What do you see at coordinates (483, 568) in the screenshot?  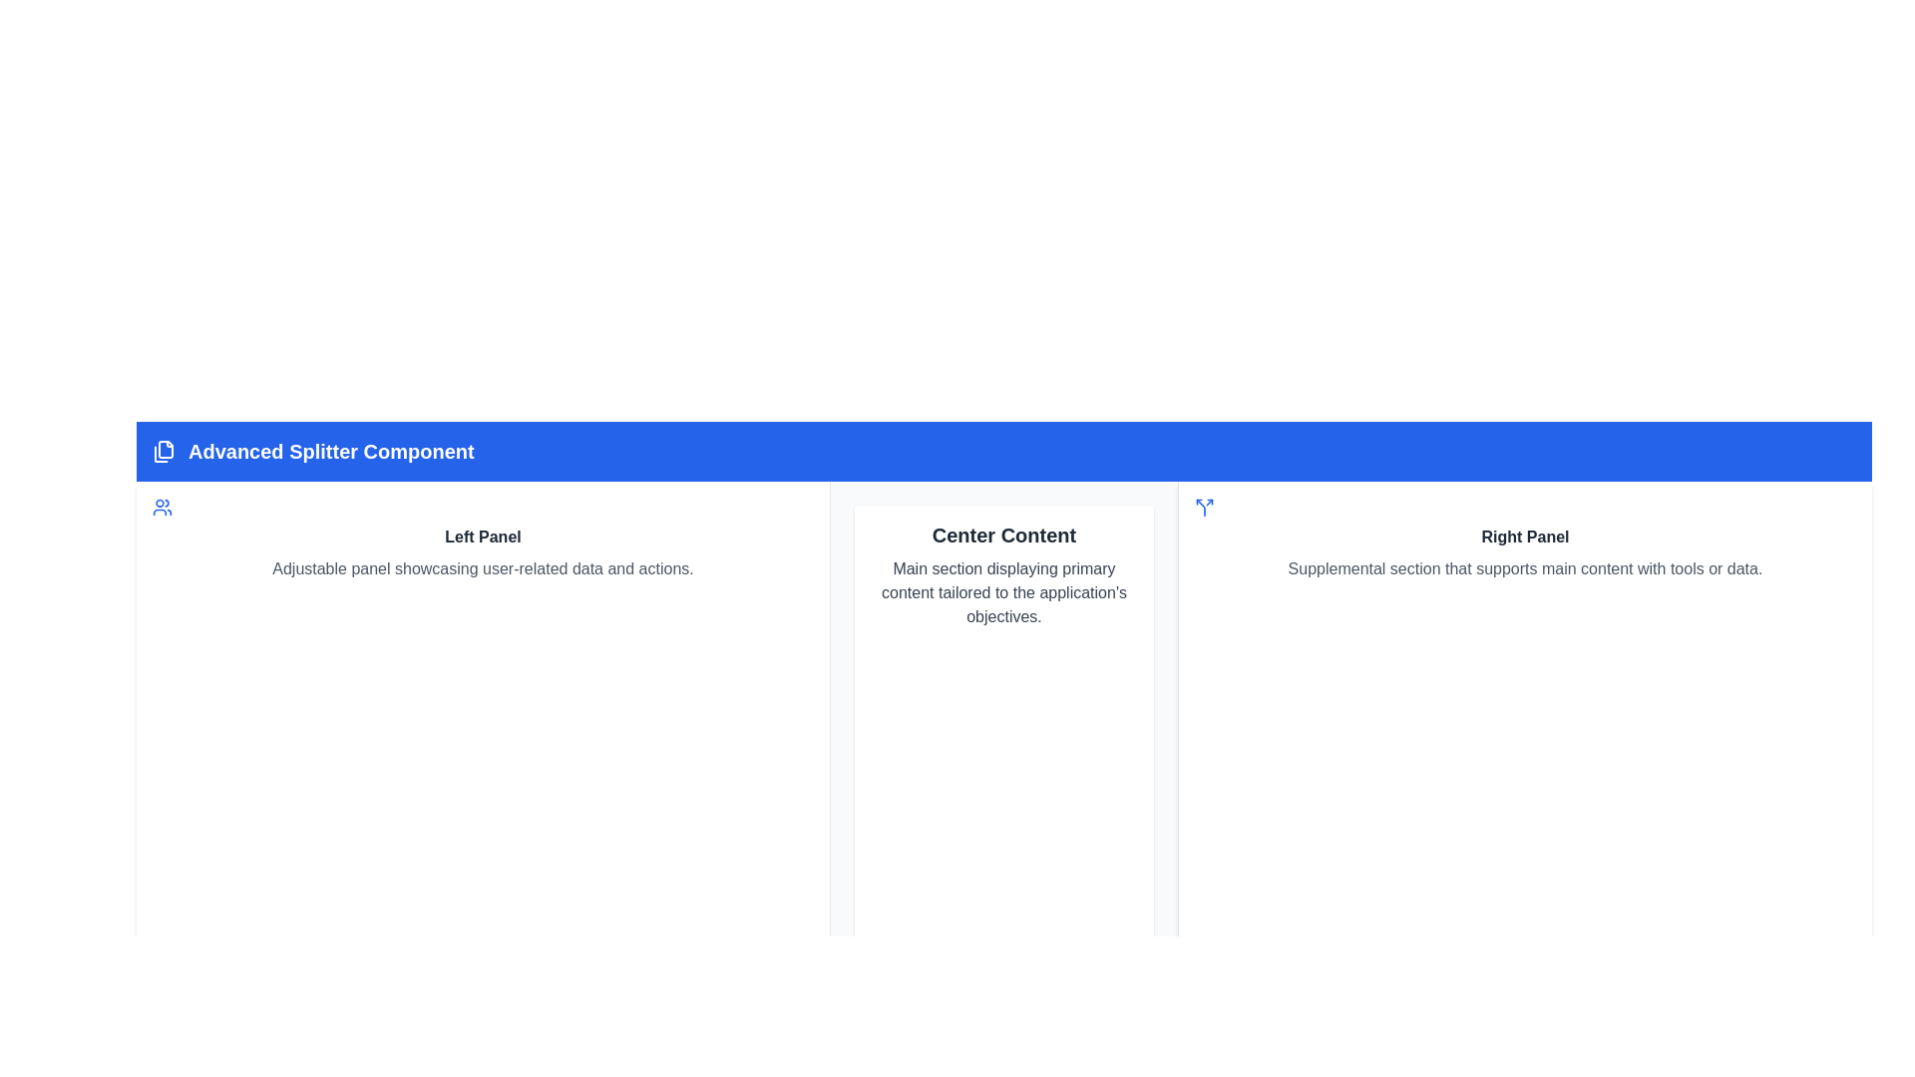 I see `the static text element styled in gray font color, positioned under the 'Left Panel' heading within the left-side panel` at bounding box center [483, 568].